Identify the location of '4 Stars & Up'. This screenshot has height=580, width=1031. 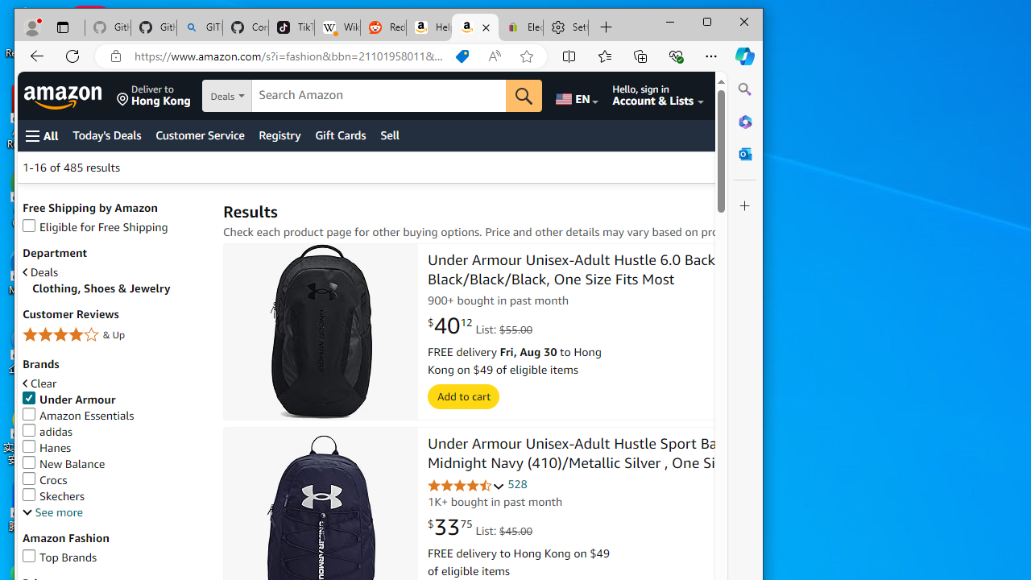
(114, 334).